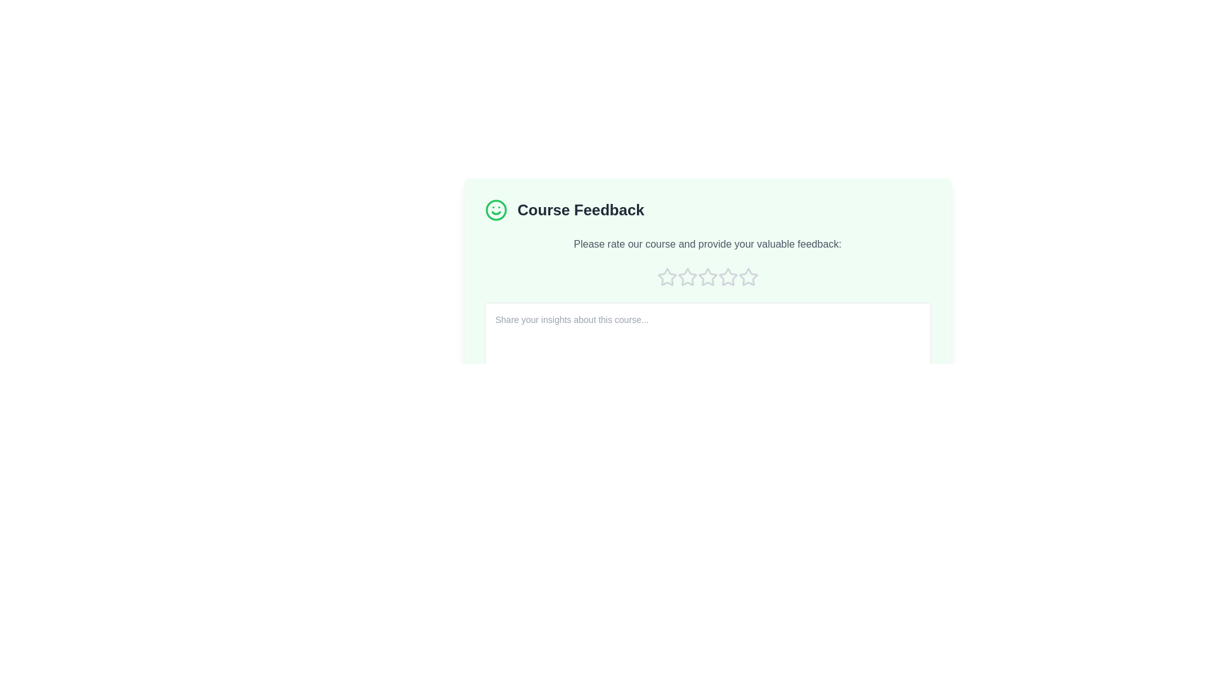 Image resolution: width=1217 pixels, height=684 pixels. Describe the element at coordinates (748, 277) in the screenshot. I see `the fifth star icon in the rating row` at that location.